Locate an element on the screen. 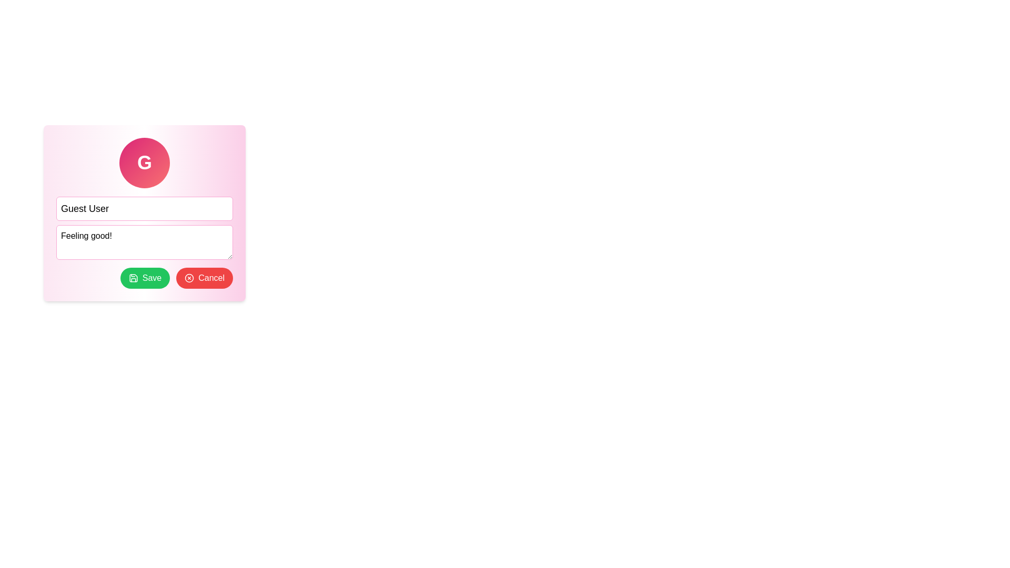 This screenshot has width=1010, height=568. the icon button located near the left side of the 'Cancel' button is located at coordinates (189, 277).